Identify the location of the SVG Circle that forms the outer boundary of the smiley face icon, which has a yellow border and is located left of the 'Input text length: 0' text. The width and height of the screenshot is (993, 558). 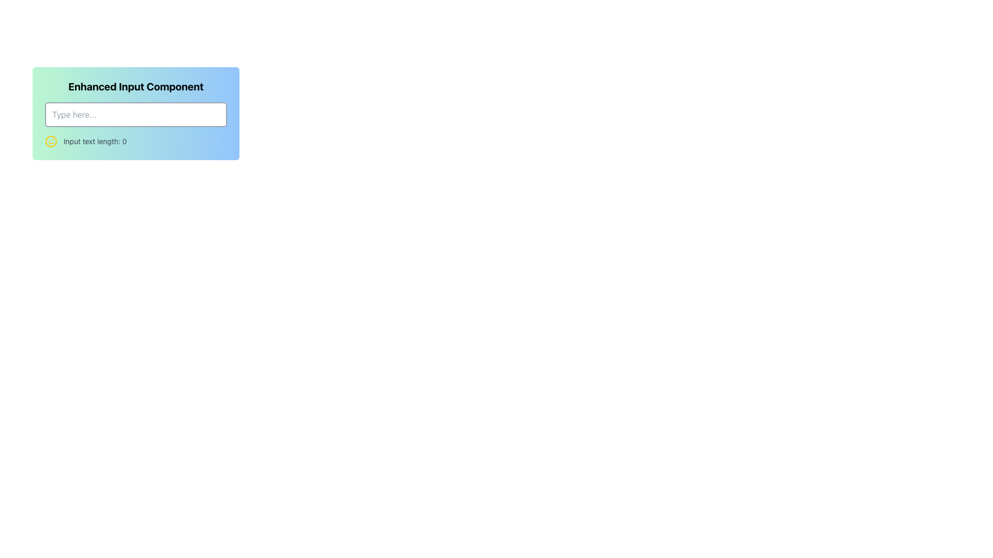
(51, 141).